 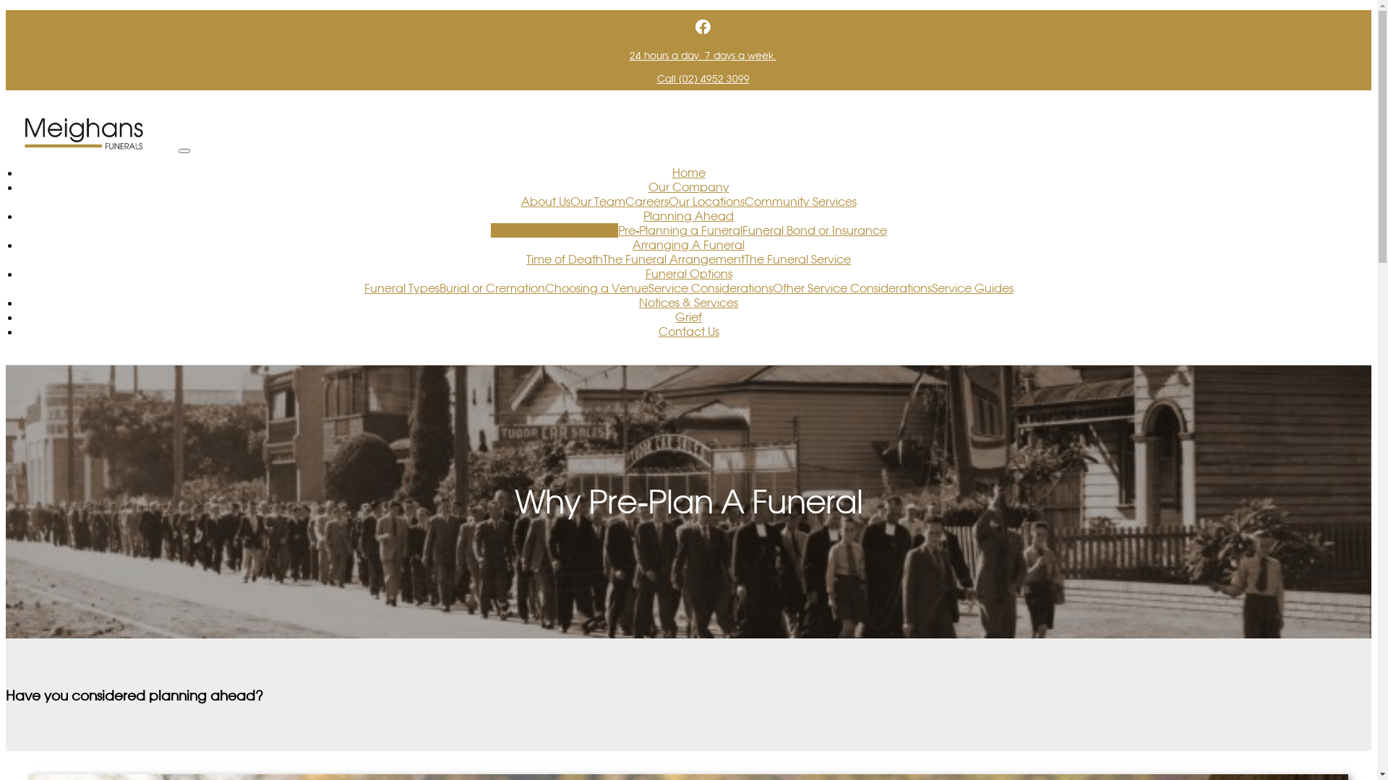 I want to click on 'Other Service Considerations', so click(x=851, y=287).